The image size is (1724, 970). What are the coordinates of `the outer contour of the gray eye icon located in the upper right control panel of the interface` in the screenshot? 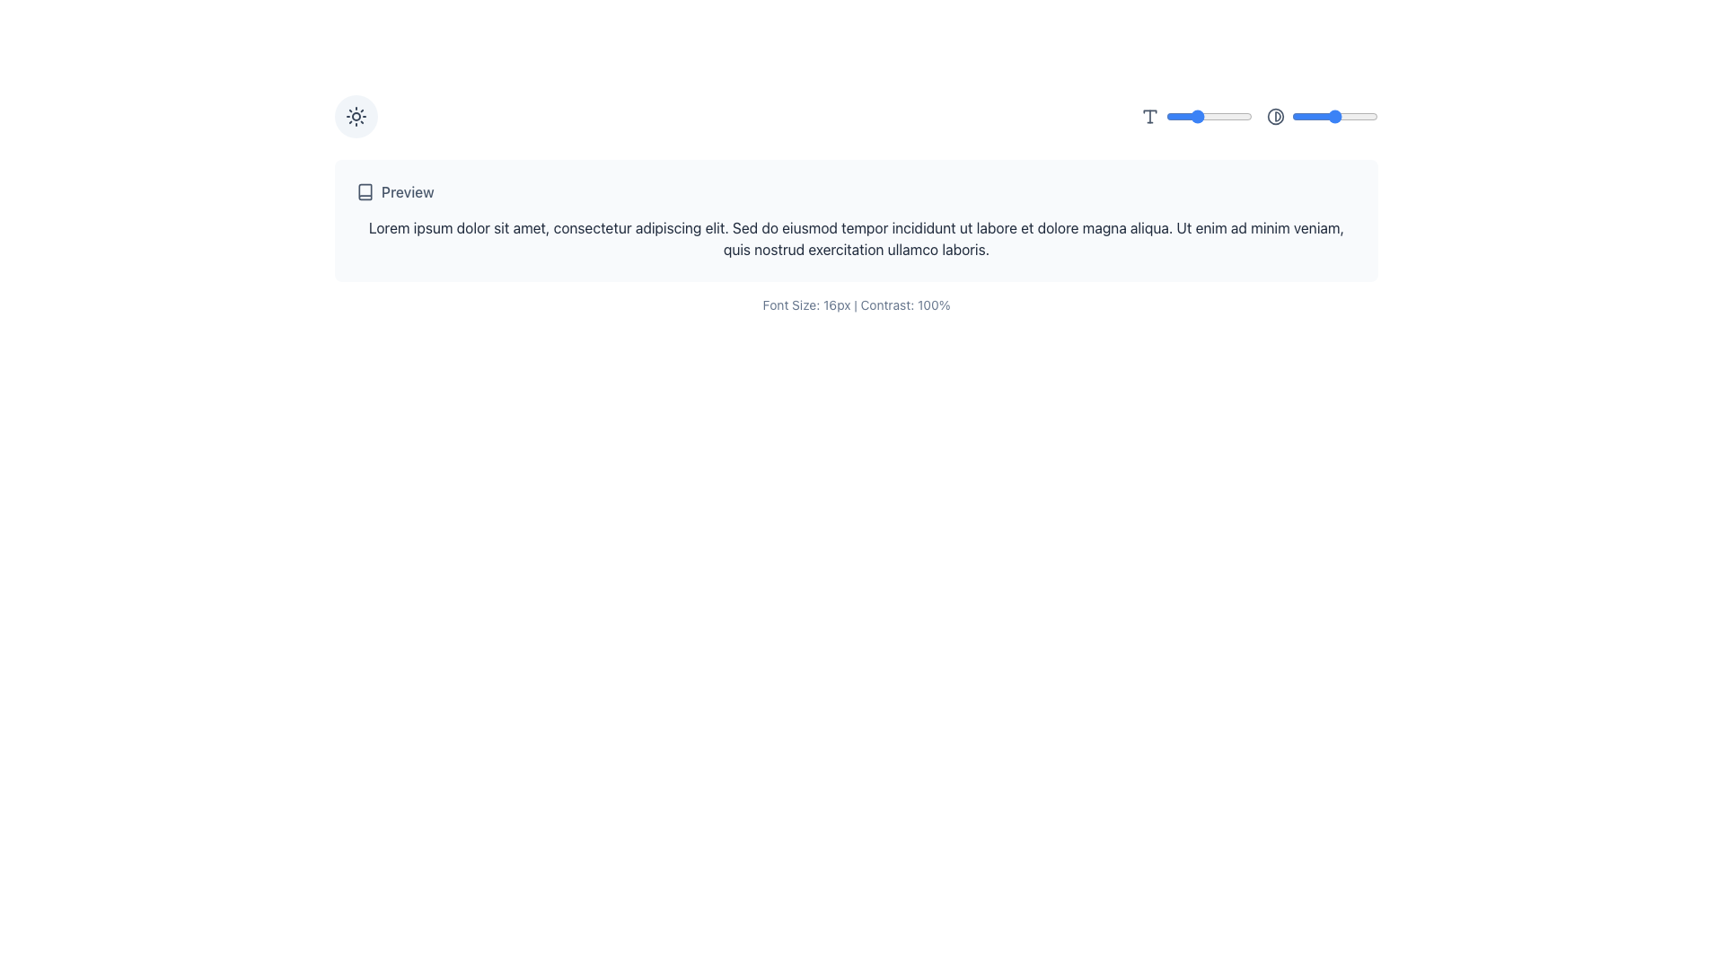 It's located at (1361, 120).